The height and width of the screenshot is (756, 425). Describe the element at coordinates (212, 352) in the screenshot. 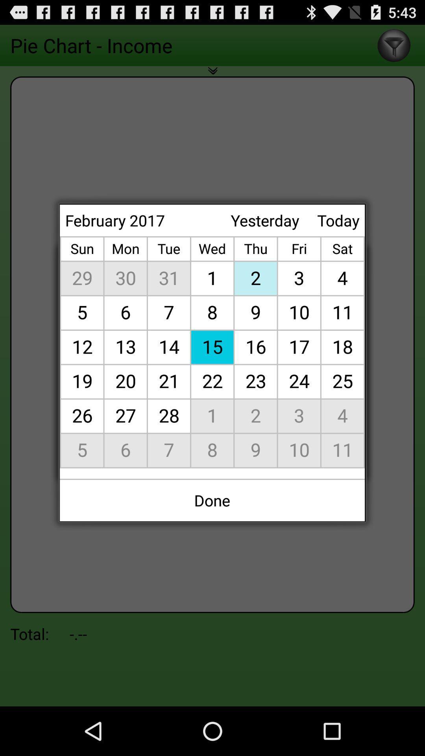

I see `the icon below february 2017 app` at that location.